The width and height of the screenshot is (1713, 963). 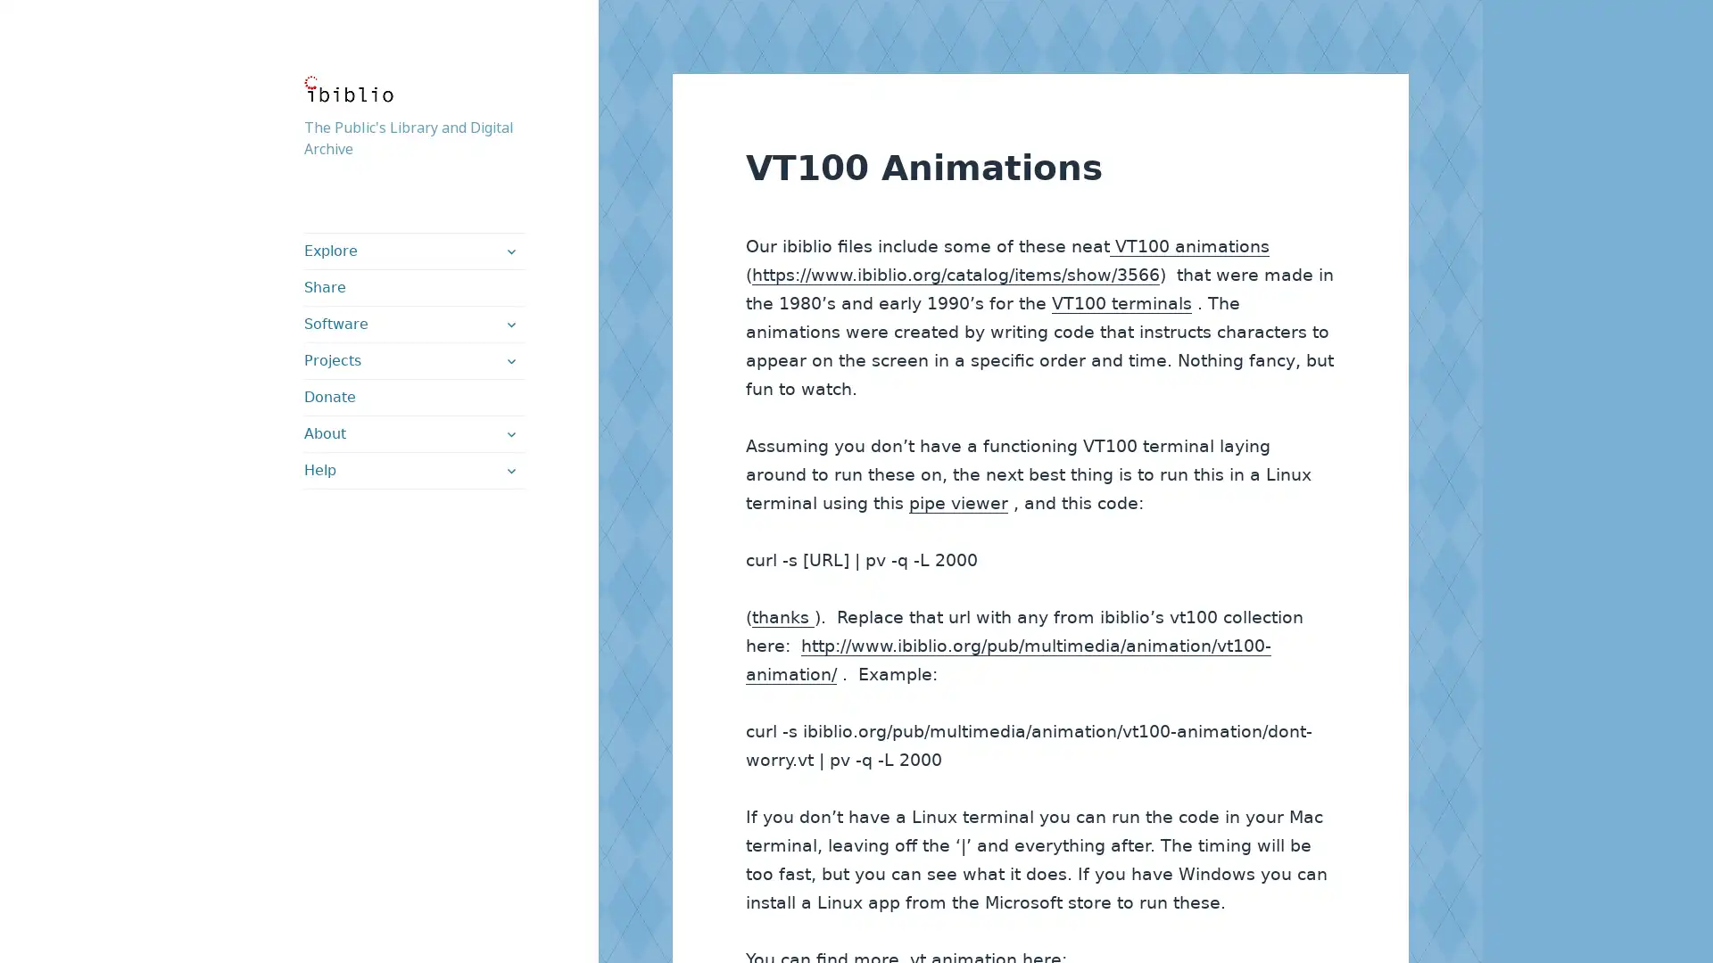 I want to click on expand child menu, so click(x=509, y=324).